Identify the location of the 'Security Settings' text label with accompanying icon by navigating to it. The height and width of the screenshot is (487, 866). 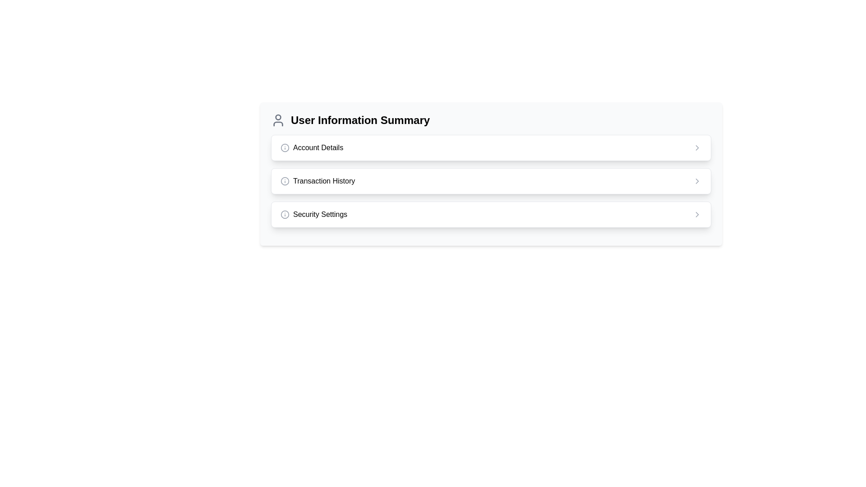
(314, 214).